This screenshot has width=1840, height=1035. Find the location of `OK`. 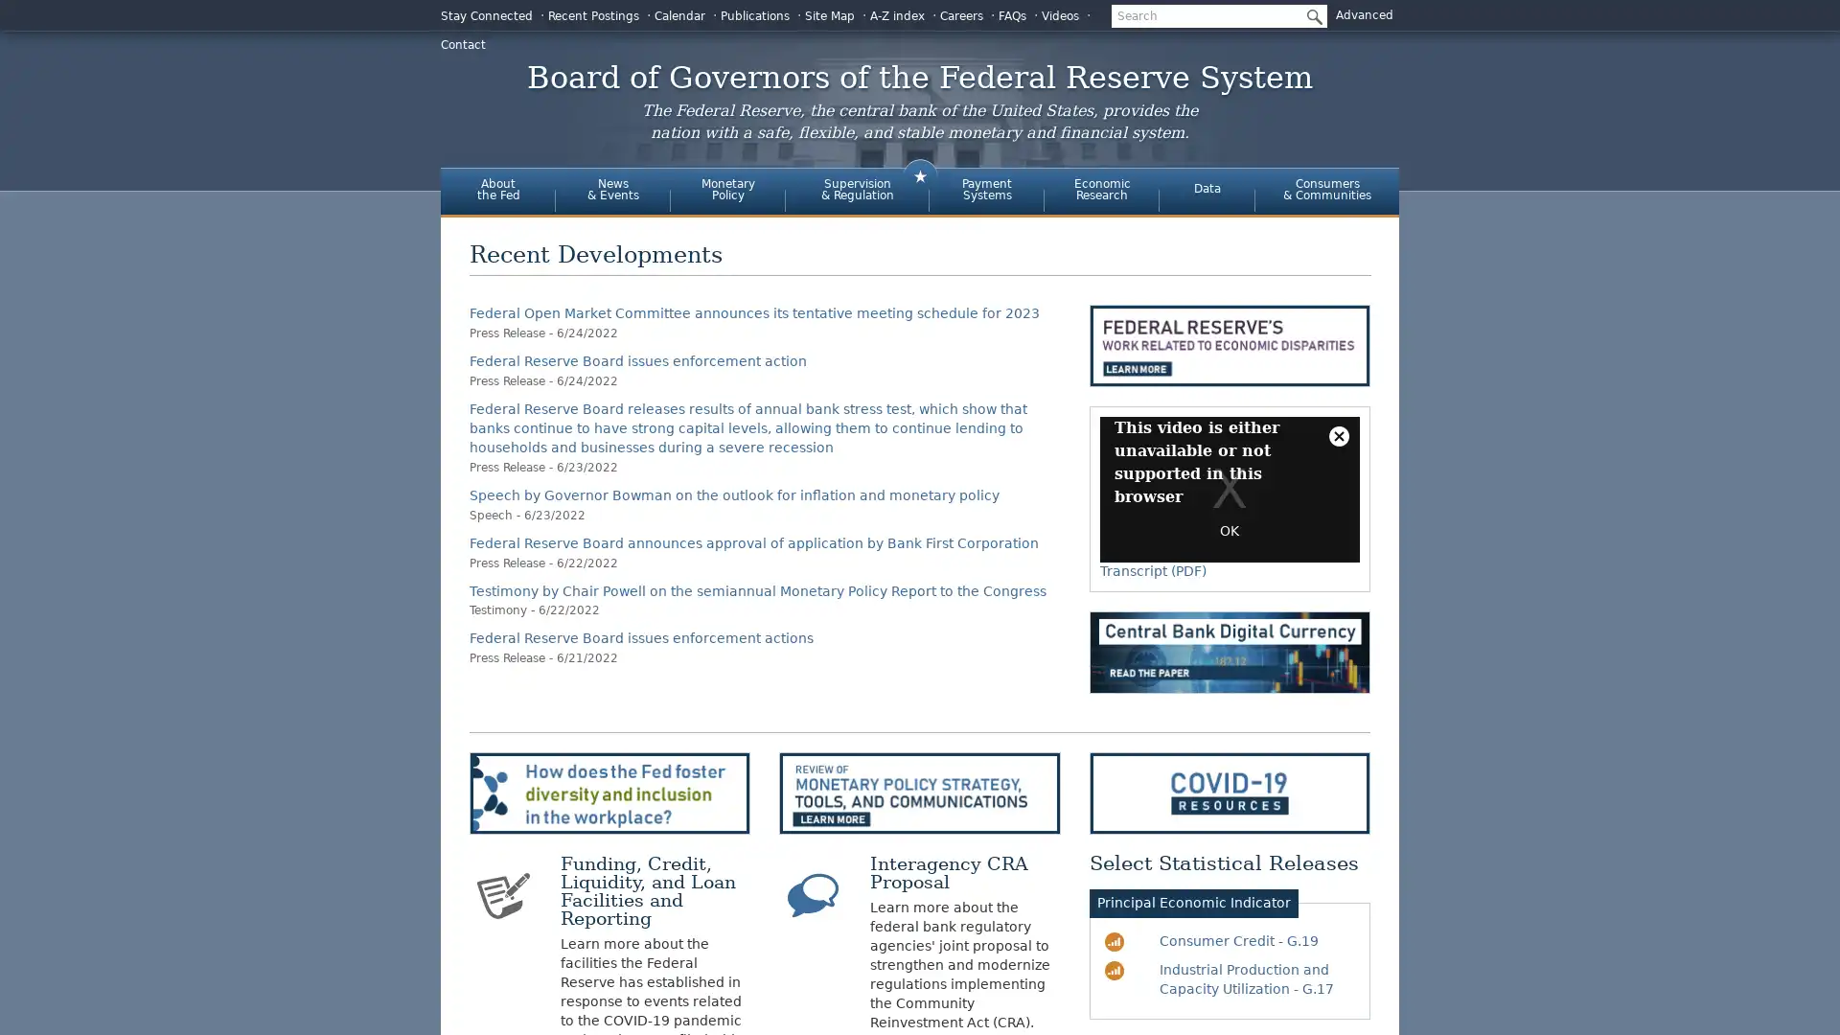

OK is located at coordinates (1229, 531).